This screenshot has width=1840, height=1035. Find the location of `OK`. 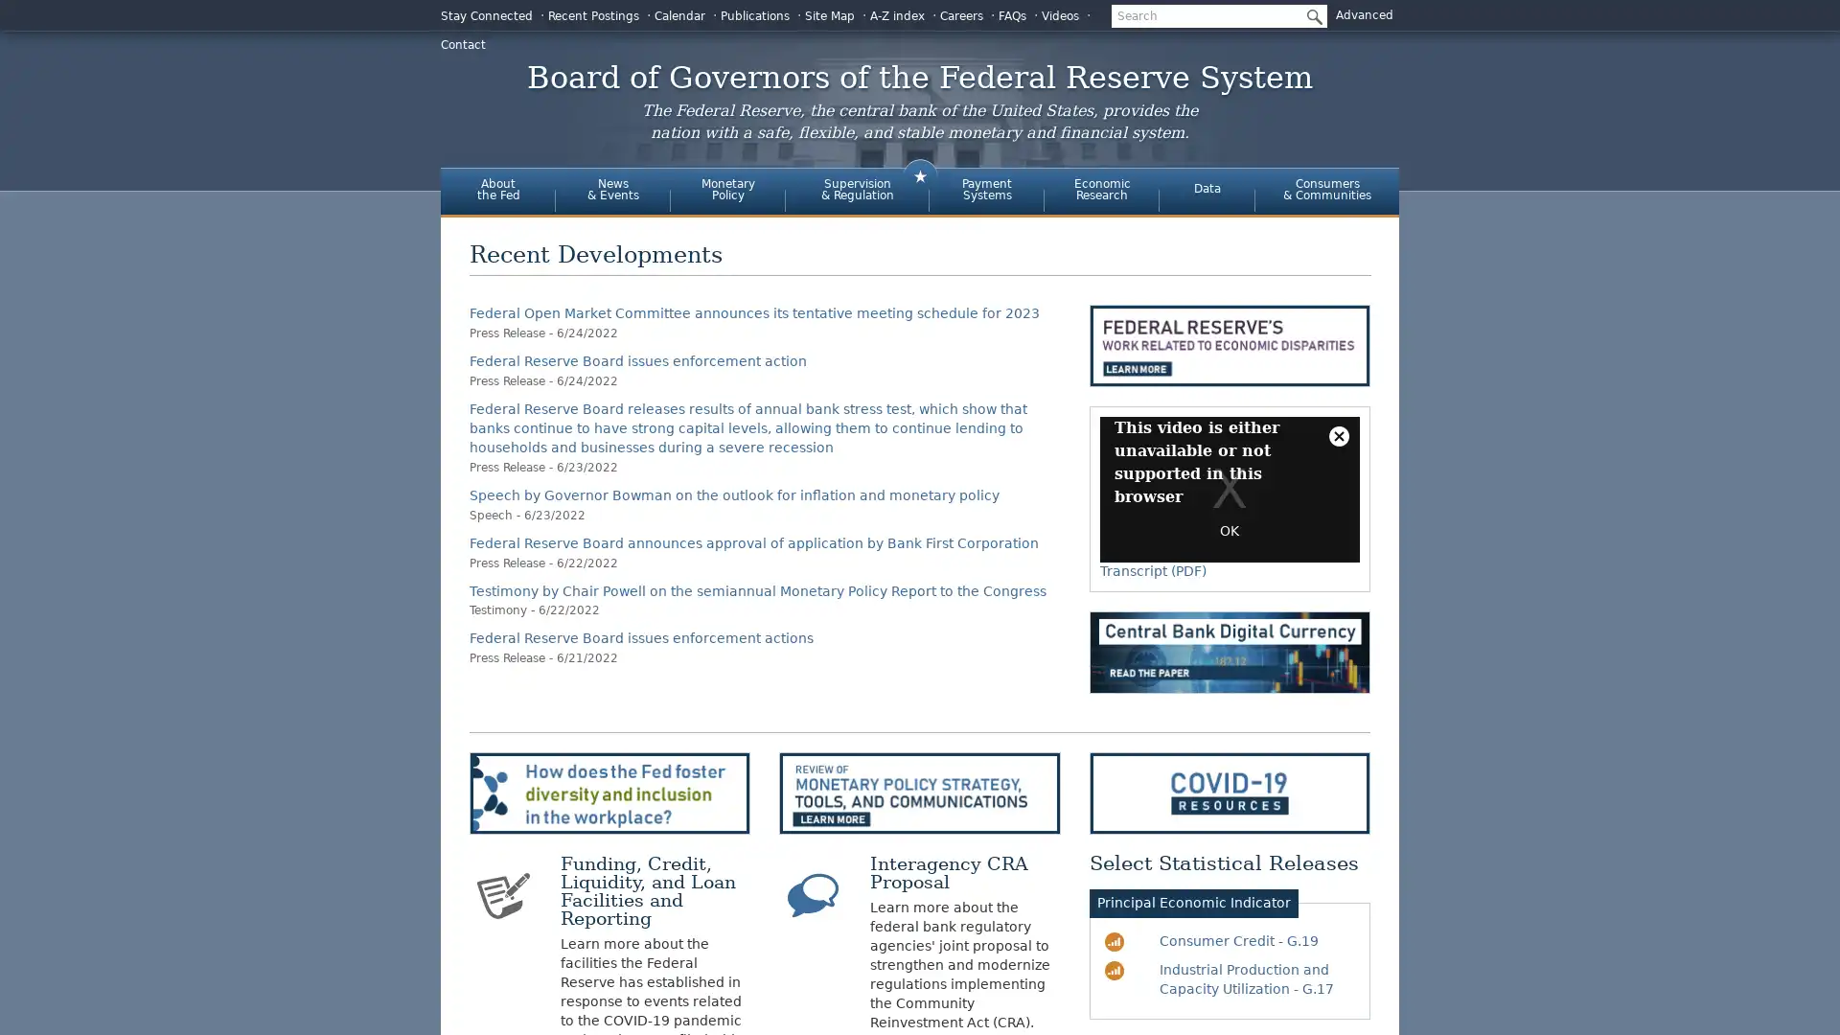

OK is located at coordinates (1229, 531).